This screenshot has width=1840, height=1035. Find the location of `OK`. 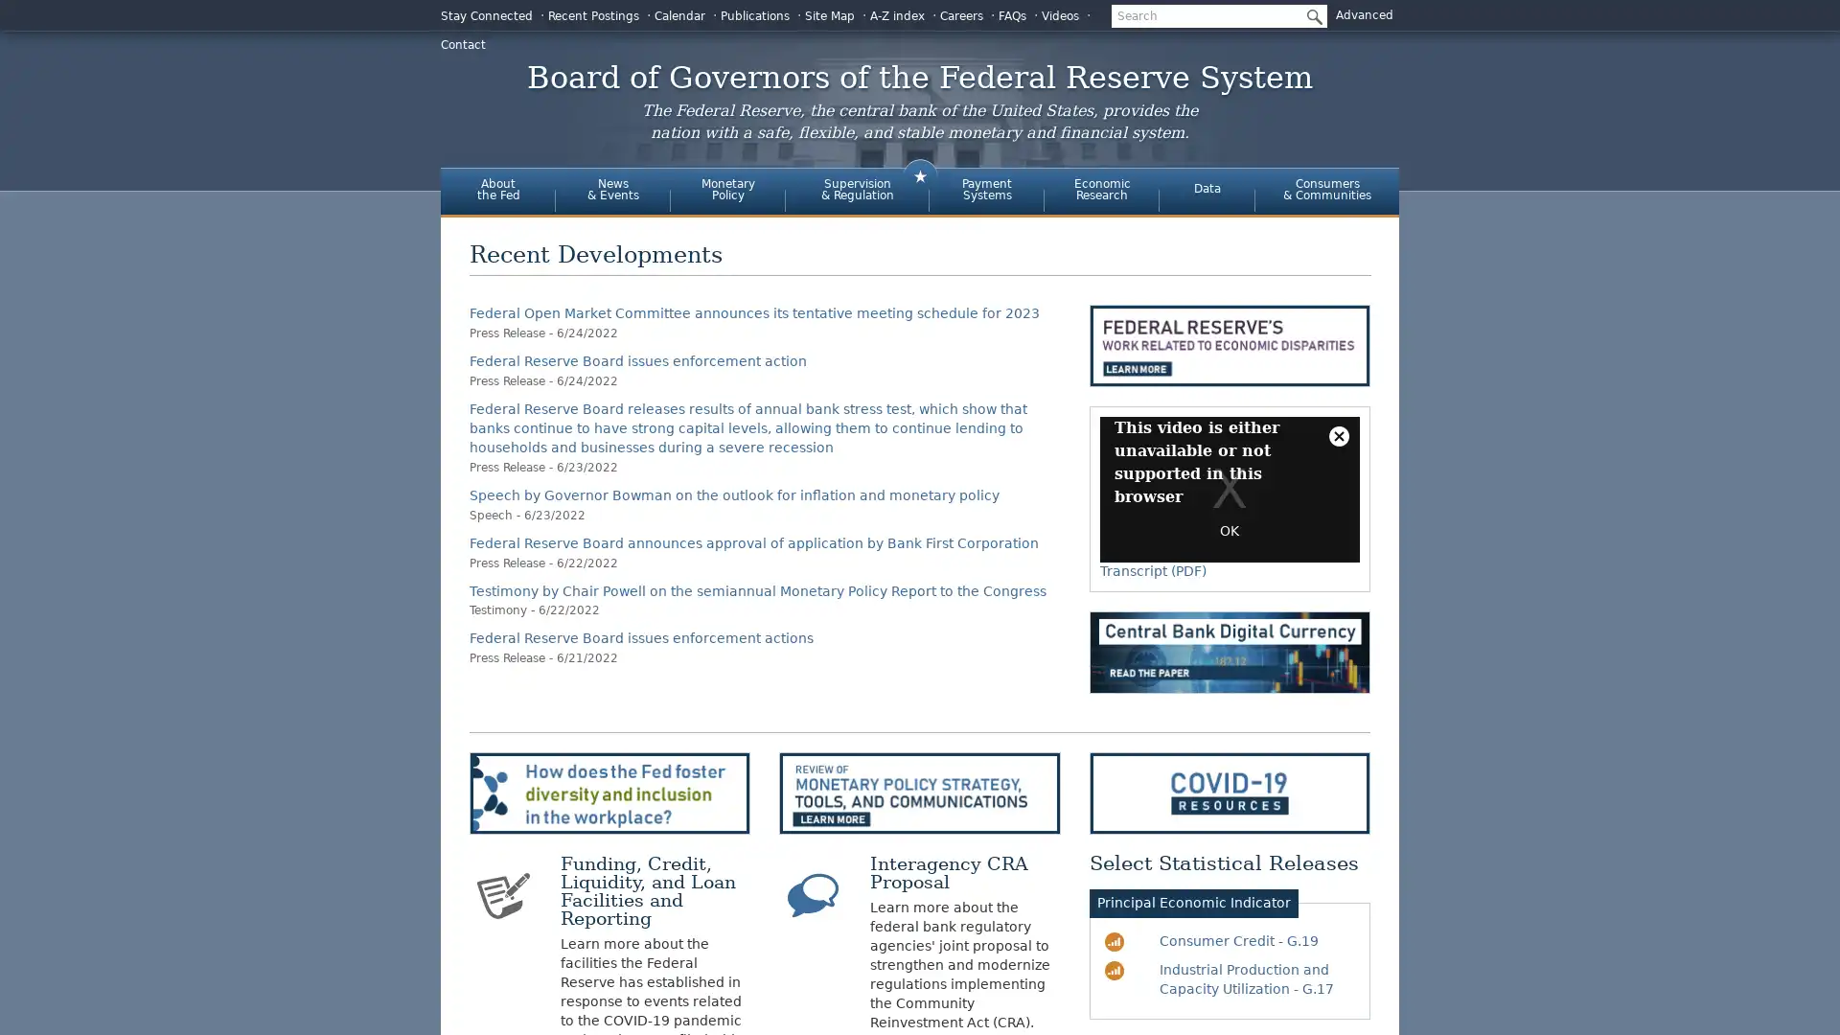

OK is located at coordinates (1229, 531).